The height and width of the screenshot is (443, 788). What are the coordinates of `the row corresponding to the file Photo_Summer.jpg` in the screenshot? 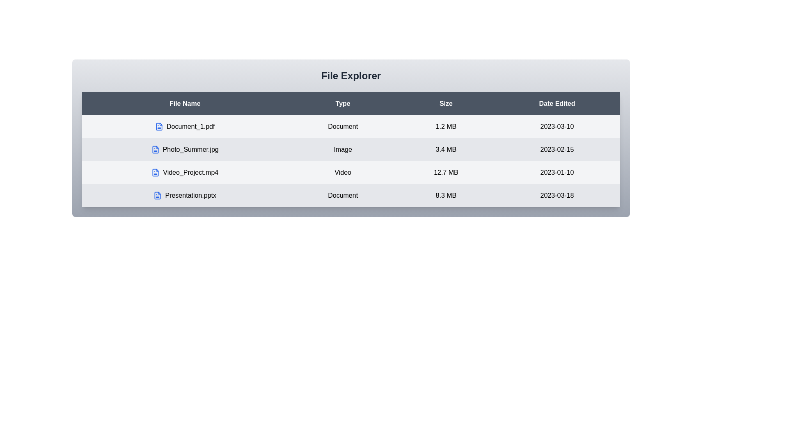 It's located at (184, 150).